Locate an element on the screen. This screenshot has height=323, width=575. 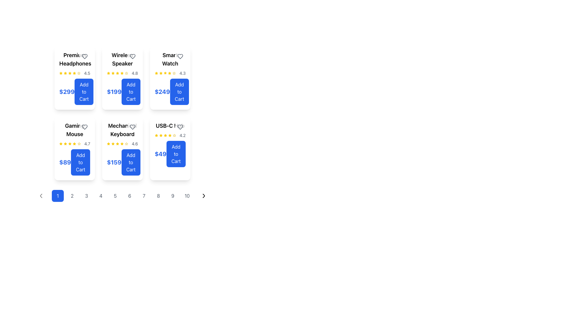
the fifth star icon in the rating section for the 'USB-C Hub' item to interact with it is located at coordinates (156, 135).